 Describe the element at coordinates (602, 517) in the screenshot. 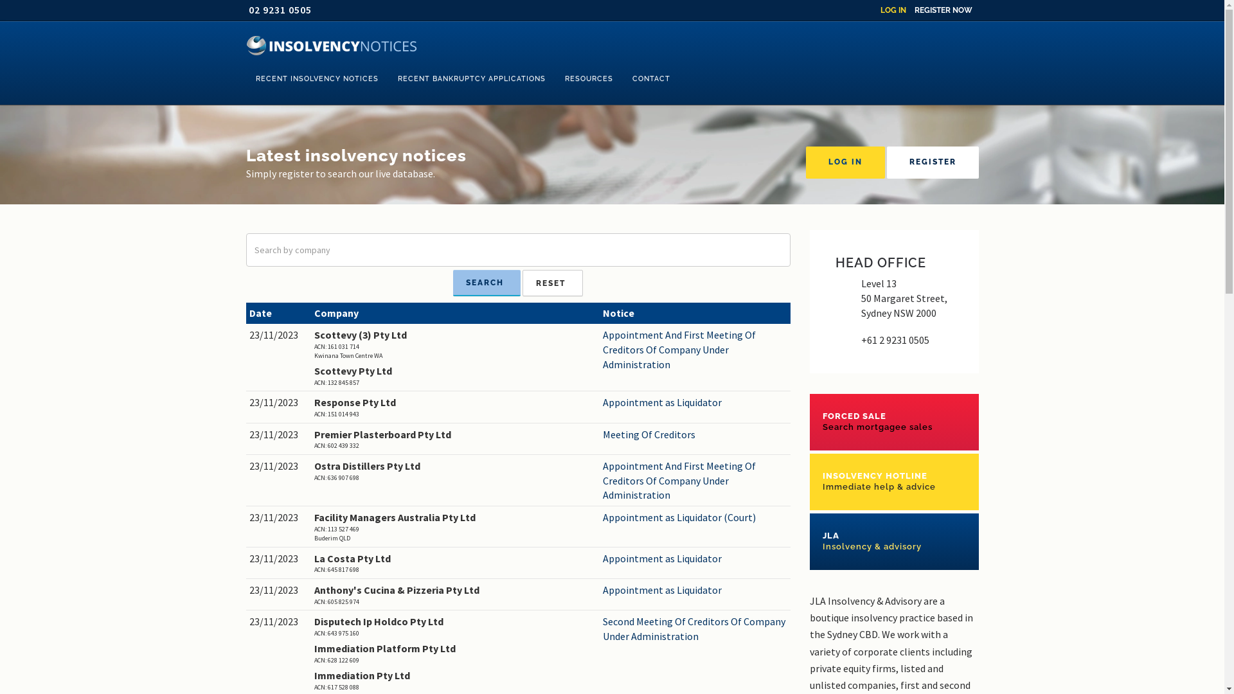

I see `'Appointment as Liquidator (Court)'` at that location.